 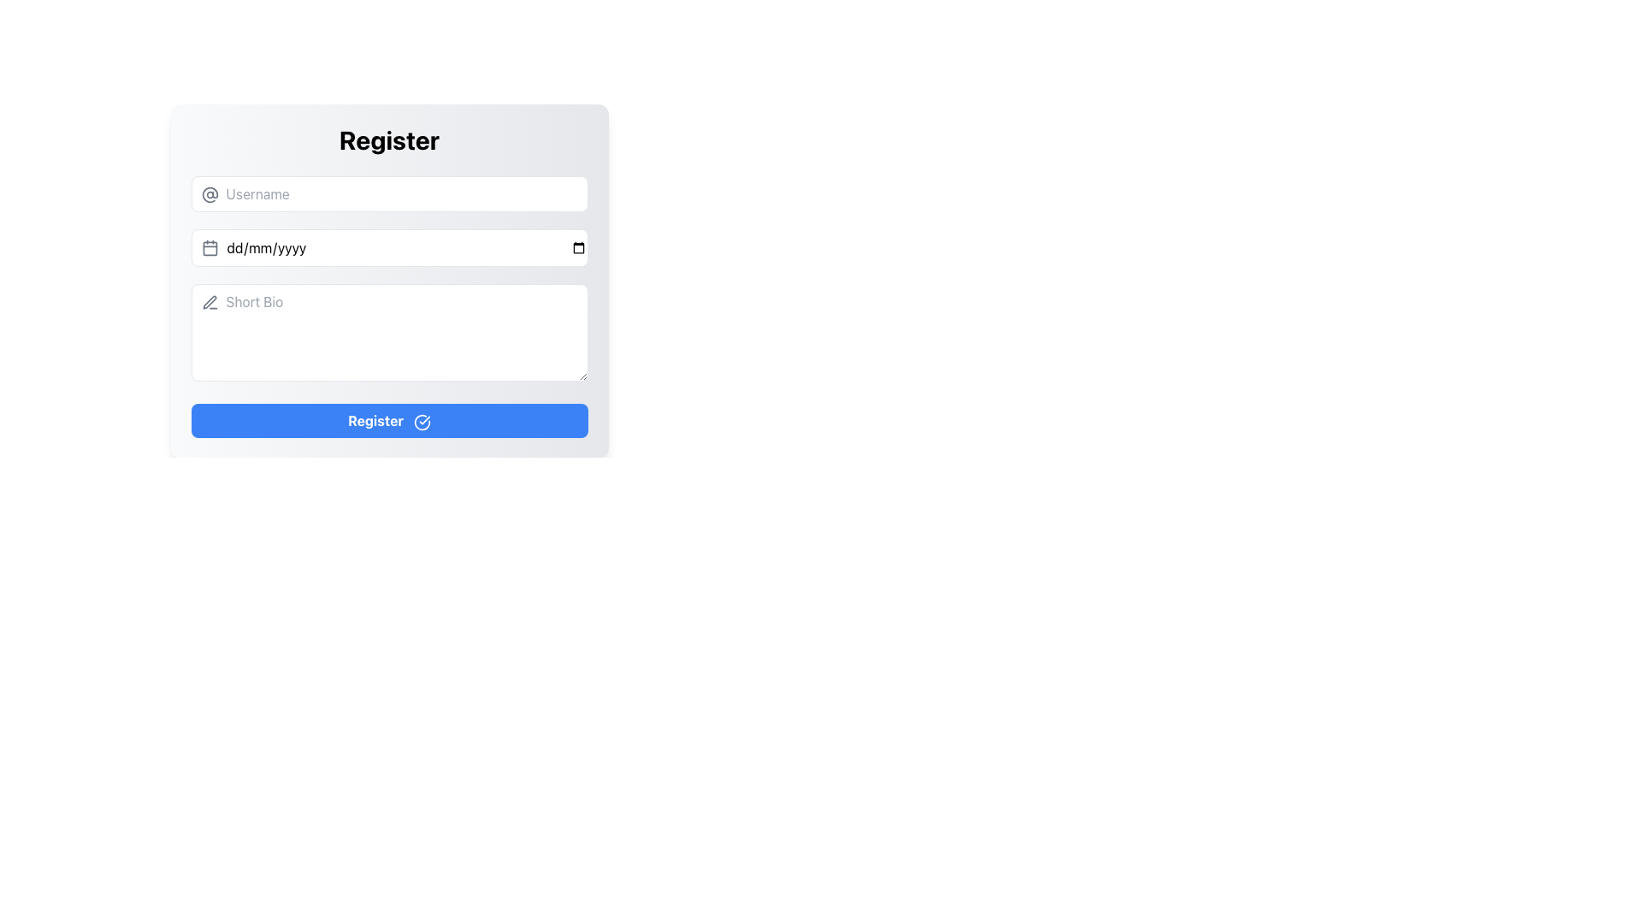 What do you see at coordinates (388, 335) in the screenshot?
I see `to select text within the multiline text input field labeled 'Short Bio' located in the user registration form, positioned below the 'dd/mm/yyyy' text box and above the 'Register' button` at bounding box center [388, 335].